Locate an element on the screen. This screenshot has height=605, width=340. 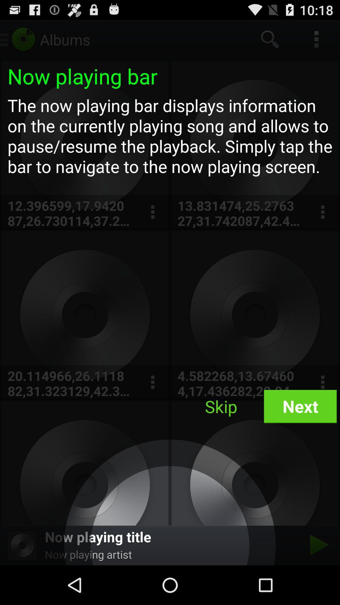
the play icon is located at coordinates (317, 583).